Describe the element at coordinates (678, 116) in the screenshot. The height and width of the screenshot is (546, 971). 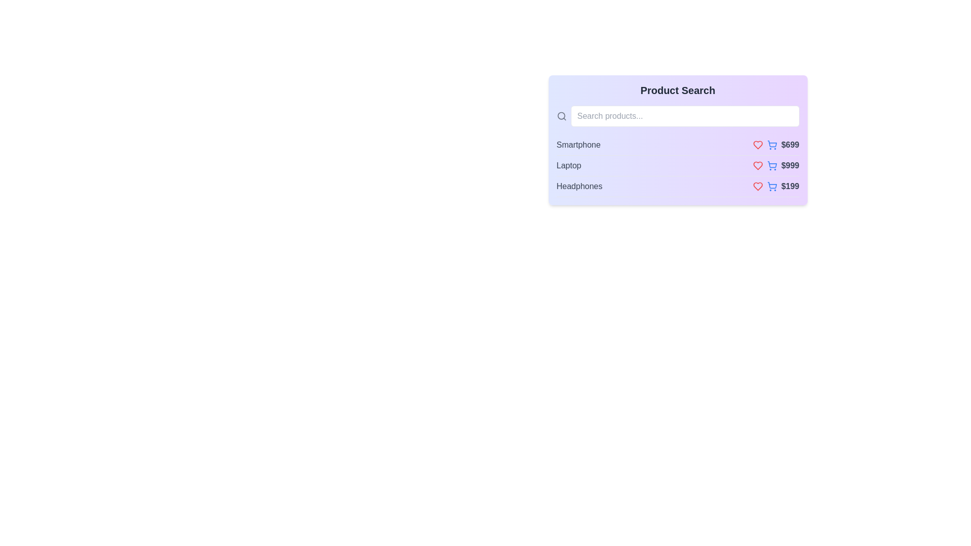
I see `and drop on the Search Bar located beneath the 'Product Search' header` at that location.